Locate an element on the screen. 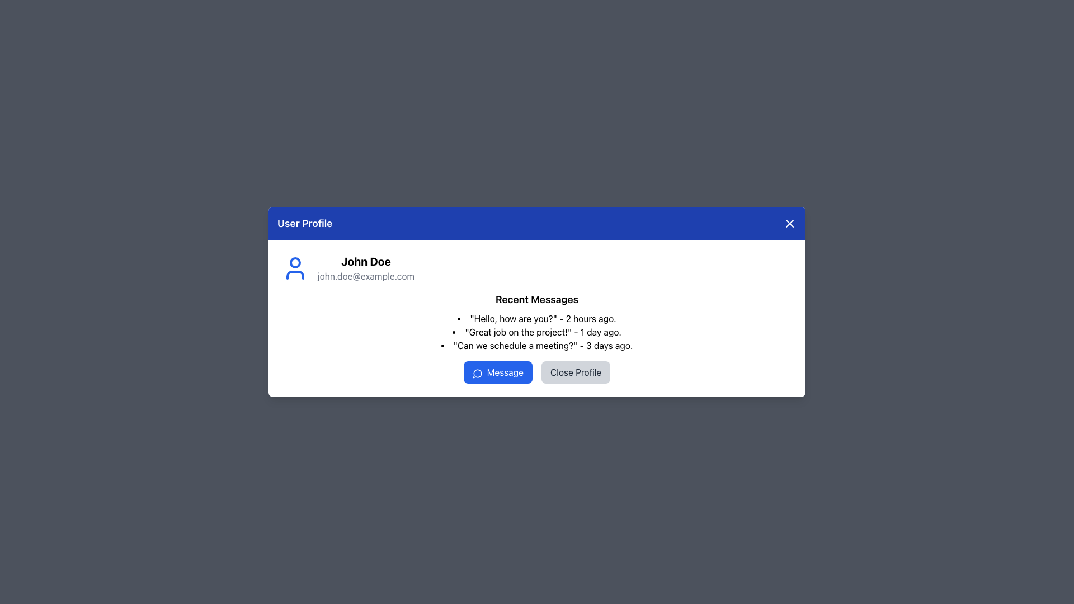 The height and width of the screenshot is (604, 1074). the bold styled text element labeled 'Recent Messages', which is the header above the message list in the user profile's information pane is located at coordinates (537, 299).